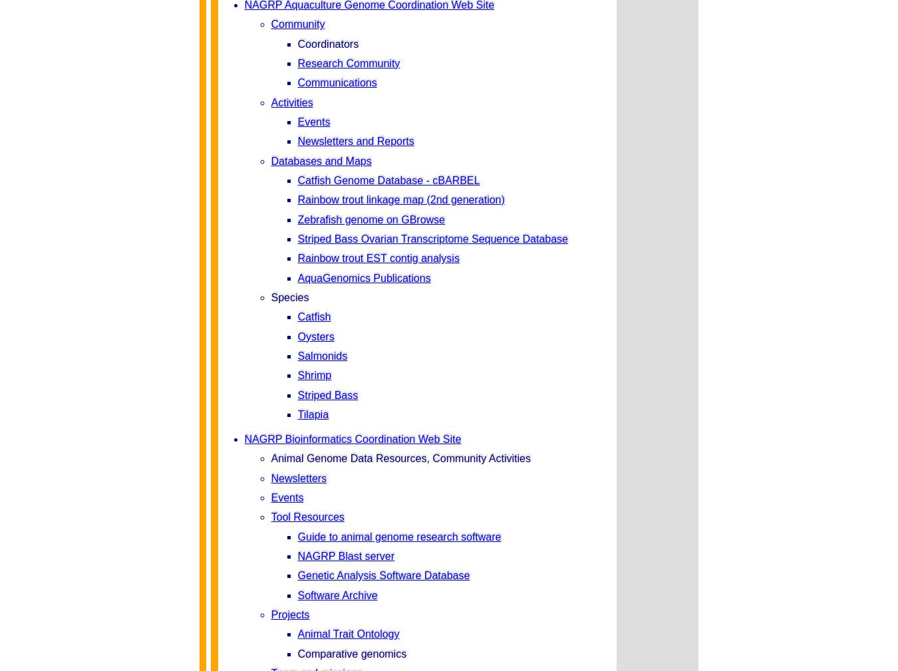 This screenshot has height=671, width=898. What do you see at coordinates (352, 439) in the screenshot?
I see `'NAGRP Bioinformatics Coordination Web Site'` at bounding box center [352, 439].